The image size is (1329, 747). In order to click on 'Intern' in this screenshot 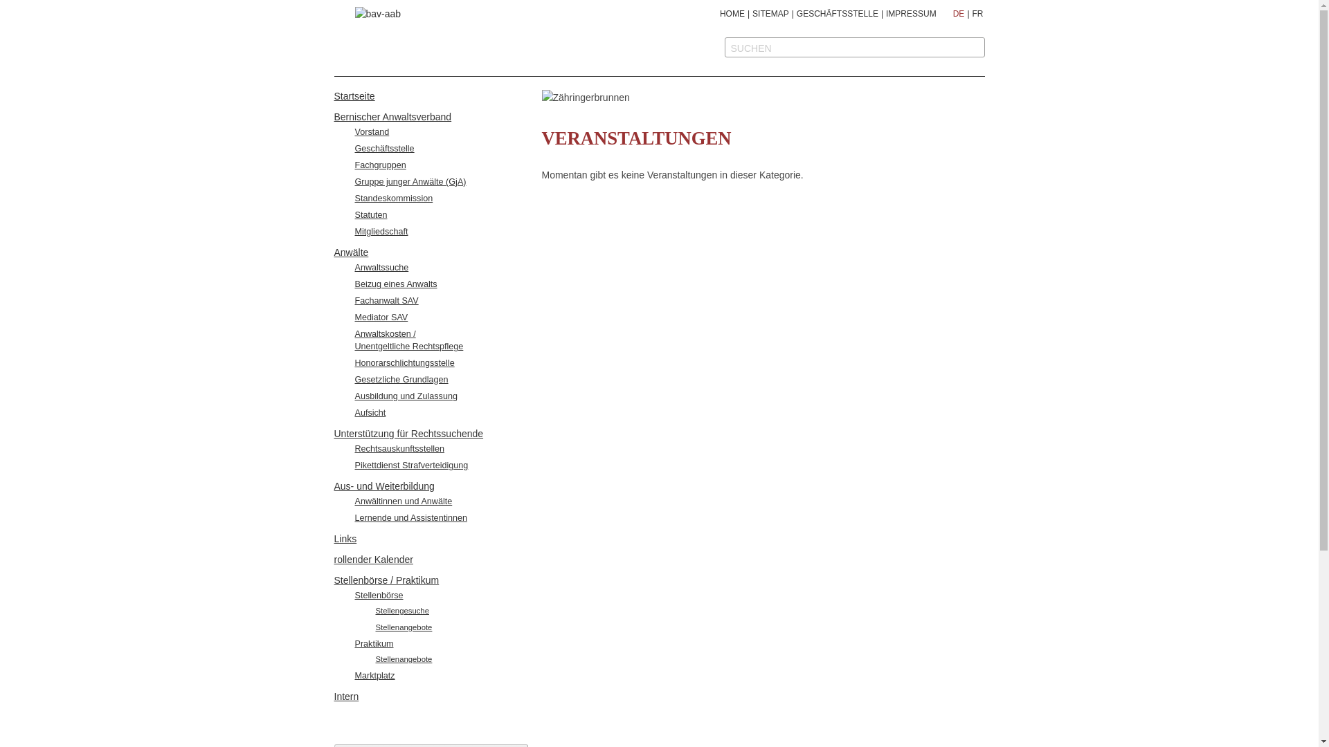, I will do `click(345, 696)`.